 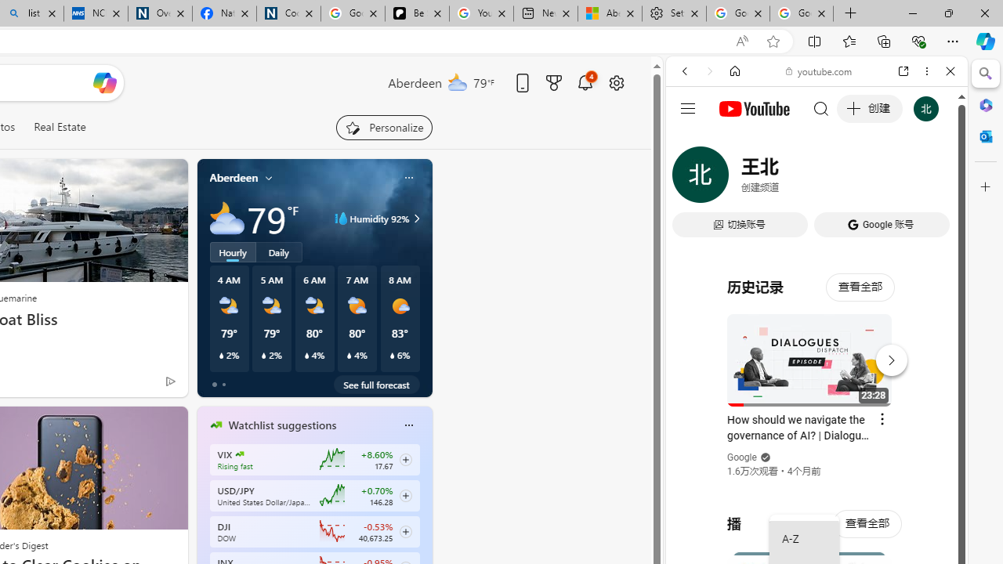 What do you see at coordinates (392, 355) in the screenshot?
I see `'Class: weather-current-precipitation-glyph'` at bounding box center [392, 355].